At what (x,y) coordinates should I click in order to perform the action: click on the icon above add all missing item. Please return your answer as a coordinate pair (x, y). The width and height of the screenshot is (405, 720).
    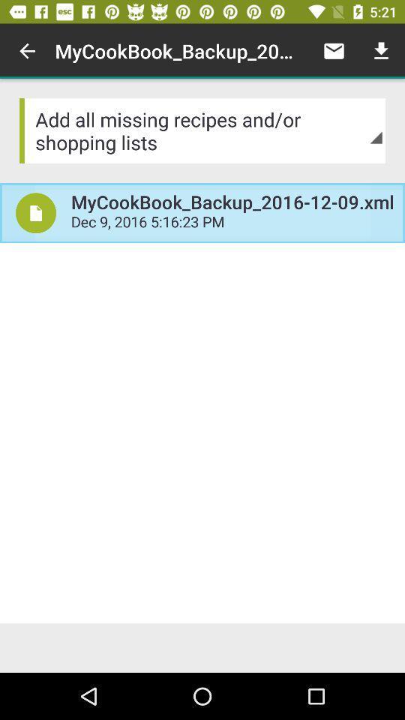
    Looking at the image, I should click on (381, 51).